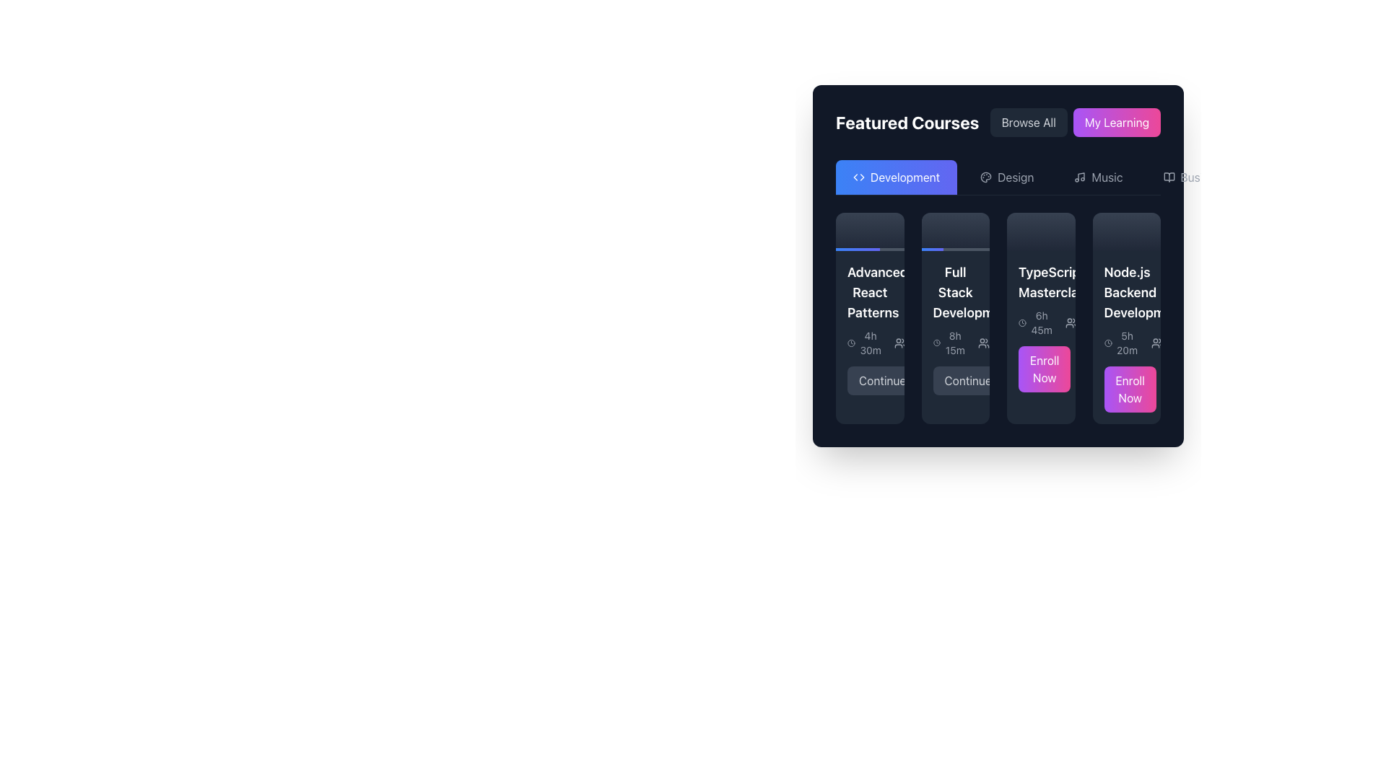 The image size is (1386, 779). I want to click on the 'Continue' button located below the 'Full Stack Development' course card in the 'Featured Courses' section, so click(955, 380).